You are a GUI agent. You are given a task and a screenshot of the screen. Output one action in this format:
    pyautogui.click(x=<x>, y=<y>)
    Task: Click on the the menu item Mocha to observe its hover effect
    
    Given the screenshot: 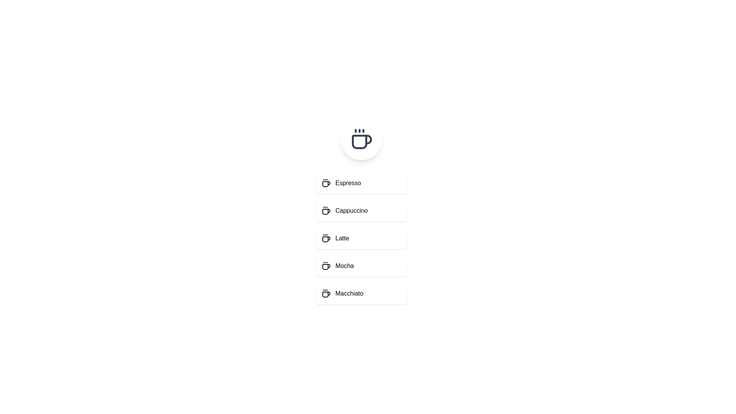 What is the action you would take?
    pyautogui.click(x=361, y=266)
    